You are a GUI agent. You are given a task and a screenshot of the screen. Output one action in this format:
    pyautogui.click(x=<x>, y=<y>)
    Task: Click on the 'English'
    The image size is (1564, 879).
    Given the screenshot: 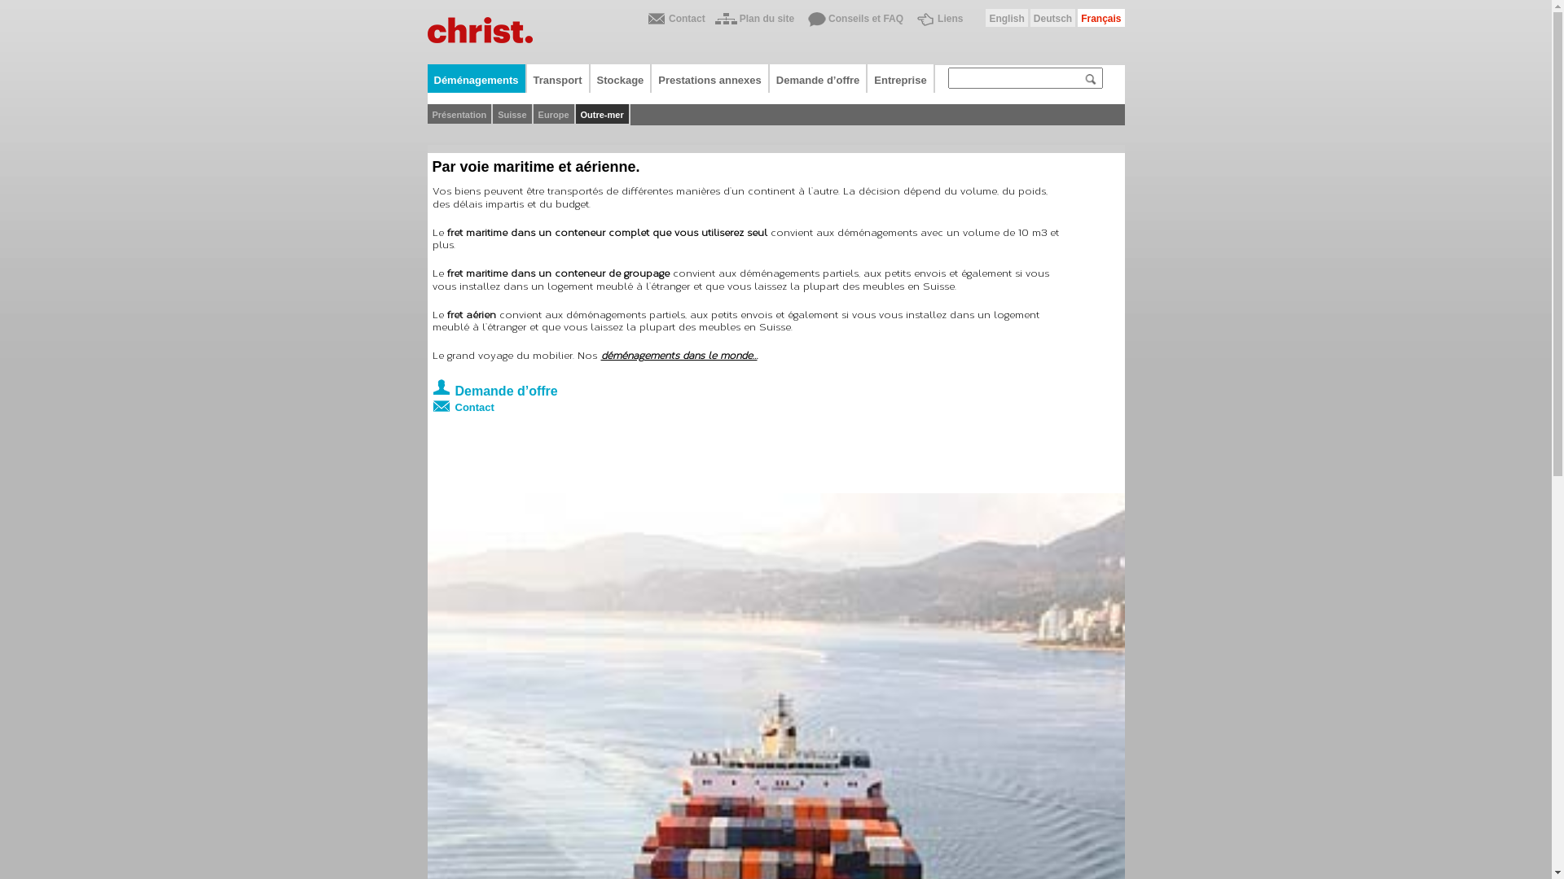 What is the action you would take?
    pyautogui.click(x=1005, y=18)
    